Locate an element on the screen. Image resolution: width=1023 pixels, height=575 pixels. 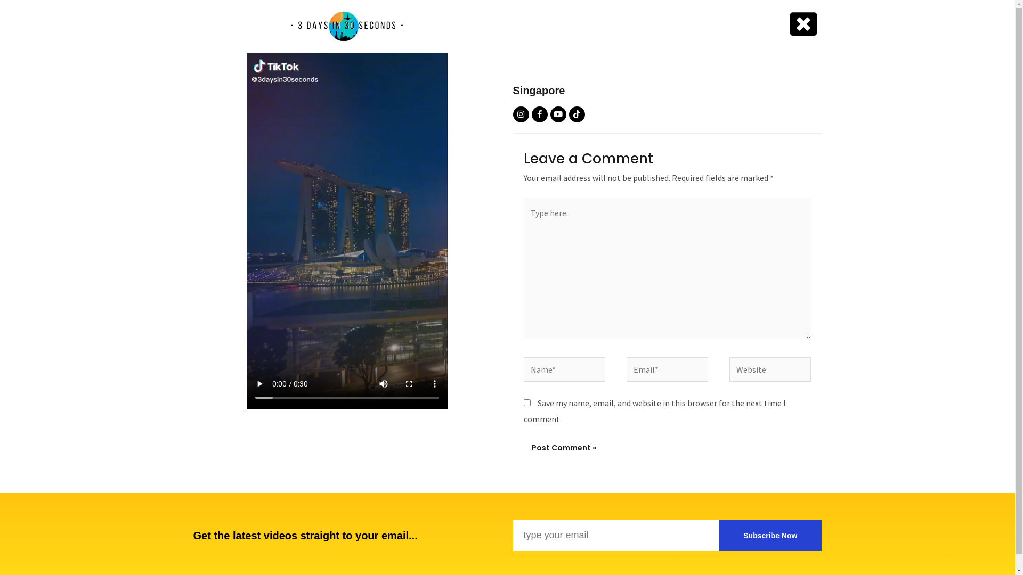
'Youtube' is located at coordinates (557, 114).